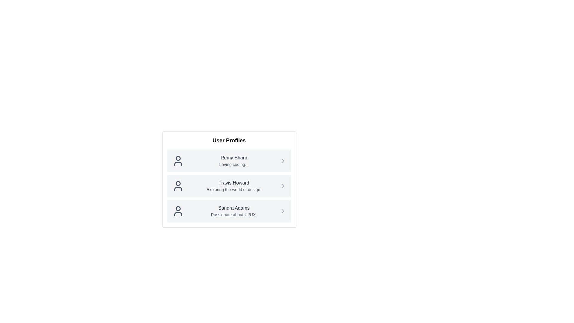 The image size is (574, 323). I want to click on the Text Display Component for 'Travis Howard', which features the name in bold and a description below it, positioned as the second profile entry under 'User Profiles', so click(233, 185).